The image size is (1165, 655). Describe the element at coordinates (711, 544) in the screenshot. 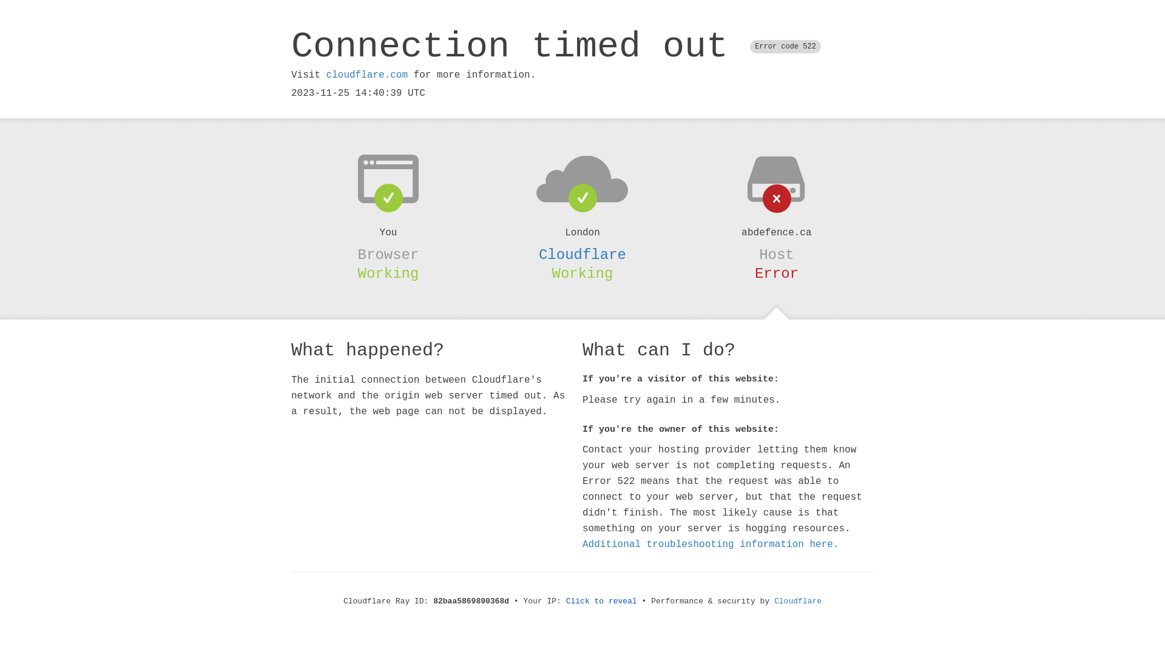

I see `'Additional troubleshooting information here.'` at that location.